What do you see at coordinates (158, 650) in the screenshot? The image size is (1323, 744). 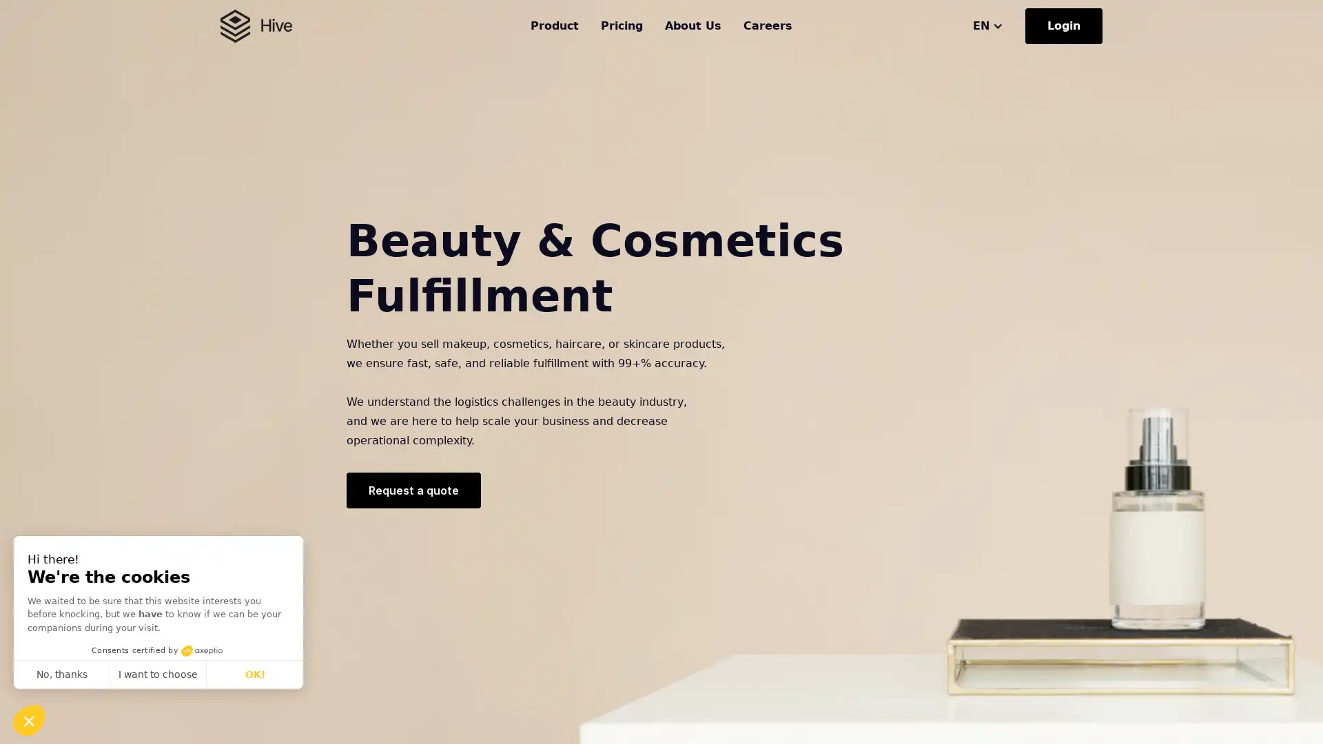 I see `Consents certified by` at bounding box center [158, 650].